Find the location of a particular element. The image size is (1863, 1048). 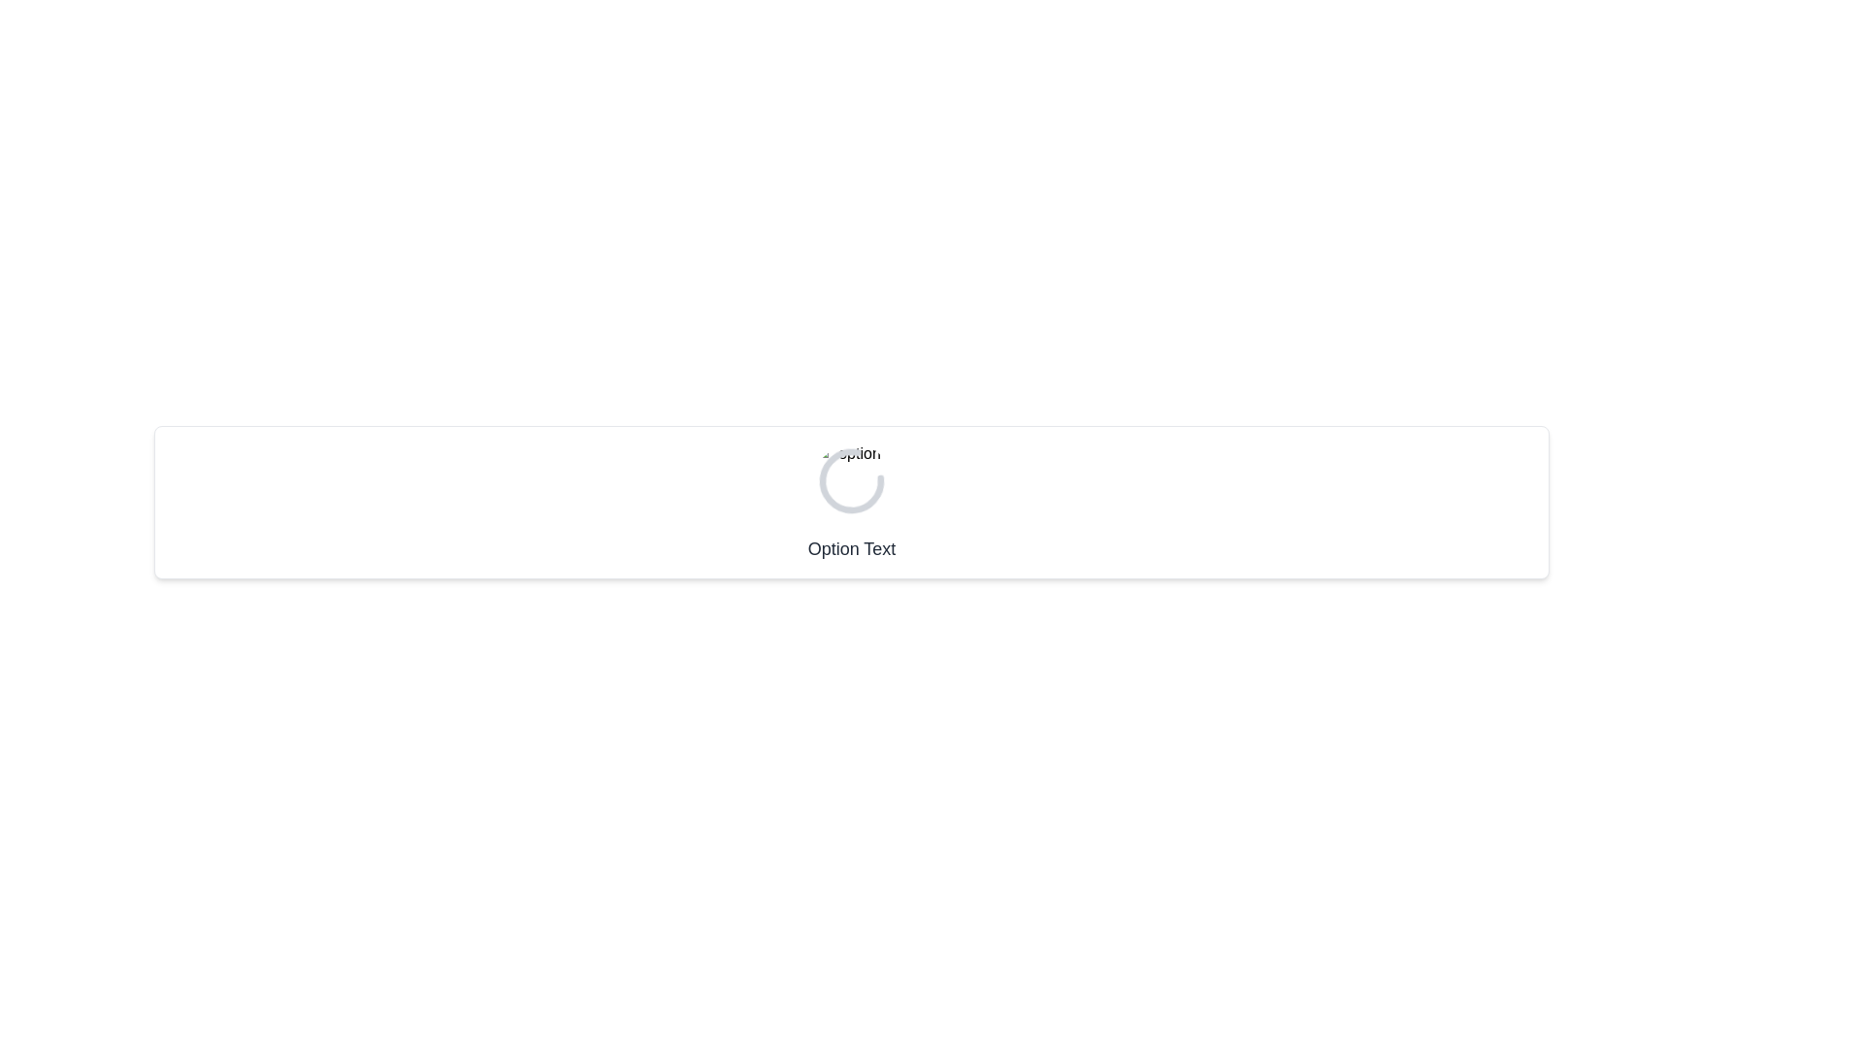

the animation of the circular loader icon, which is a gray stroke spinner located at the center of the visible region is located at coordinates (852, 479).